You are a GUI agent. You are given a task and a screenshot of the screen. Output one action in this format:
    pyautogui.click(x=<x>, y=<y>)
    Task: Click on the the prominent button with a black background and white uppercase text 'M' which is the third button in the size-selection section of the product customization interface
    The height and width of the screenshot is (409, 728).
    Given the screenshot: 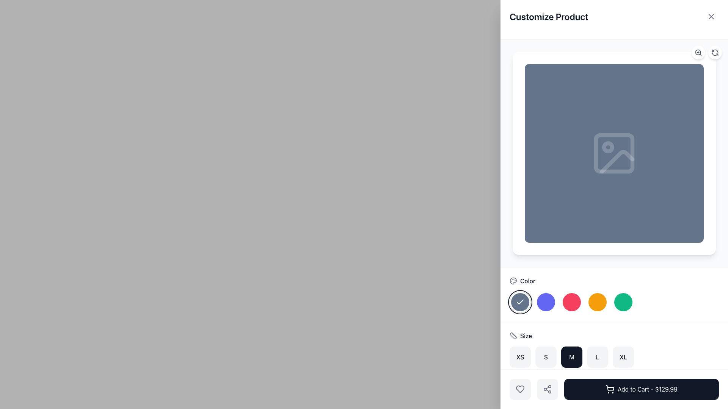 What is the action you would take?
    pyautogui.click(x=571, y=357)
    